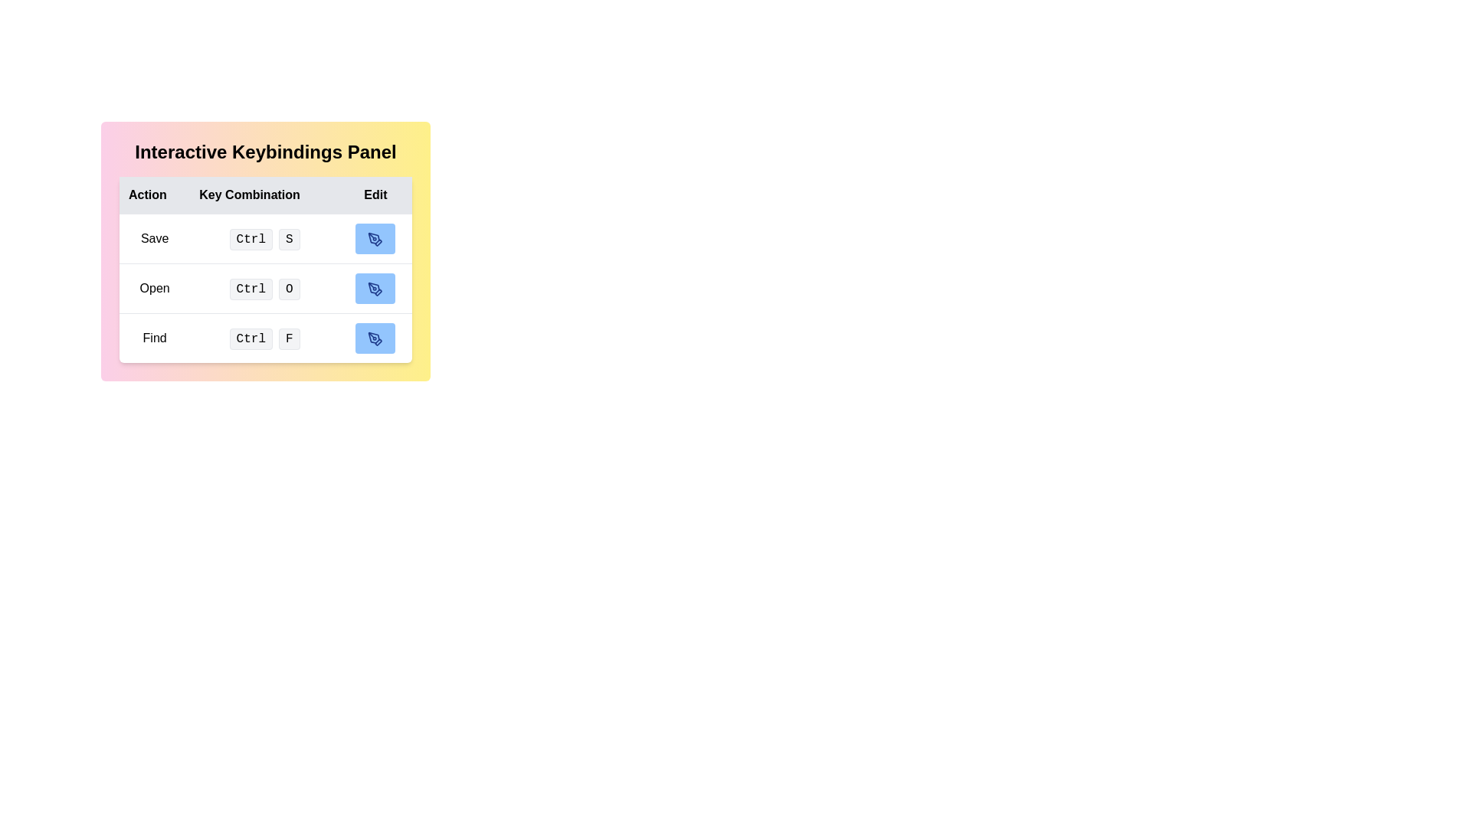  Describe the element at coordinates (265, 336) in the screenshot. I see `information displayed for the shortcut keys 'Ctrl' + 'F' in the third row of the 'Interactive Keybindings Panel'` at that location.